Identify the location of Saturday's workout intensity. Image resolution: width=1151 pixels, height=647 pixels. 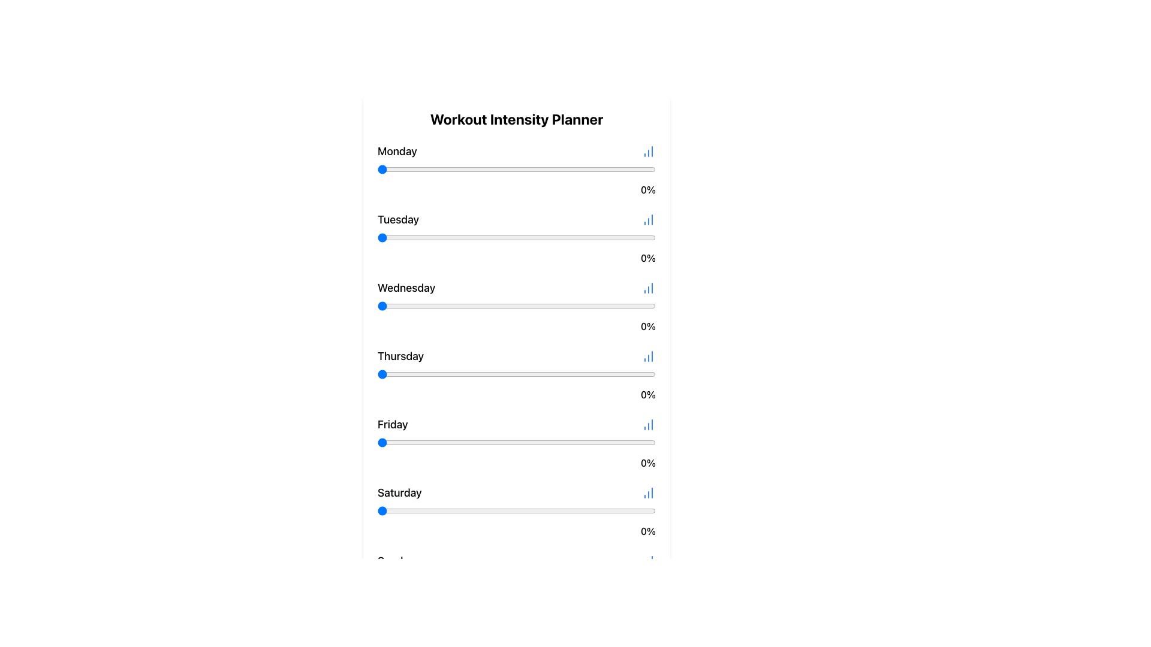
(580, 510).